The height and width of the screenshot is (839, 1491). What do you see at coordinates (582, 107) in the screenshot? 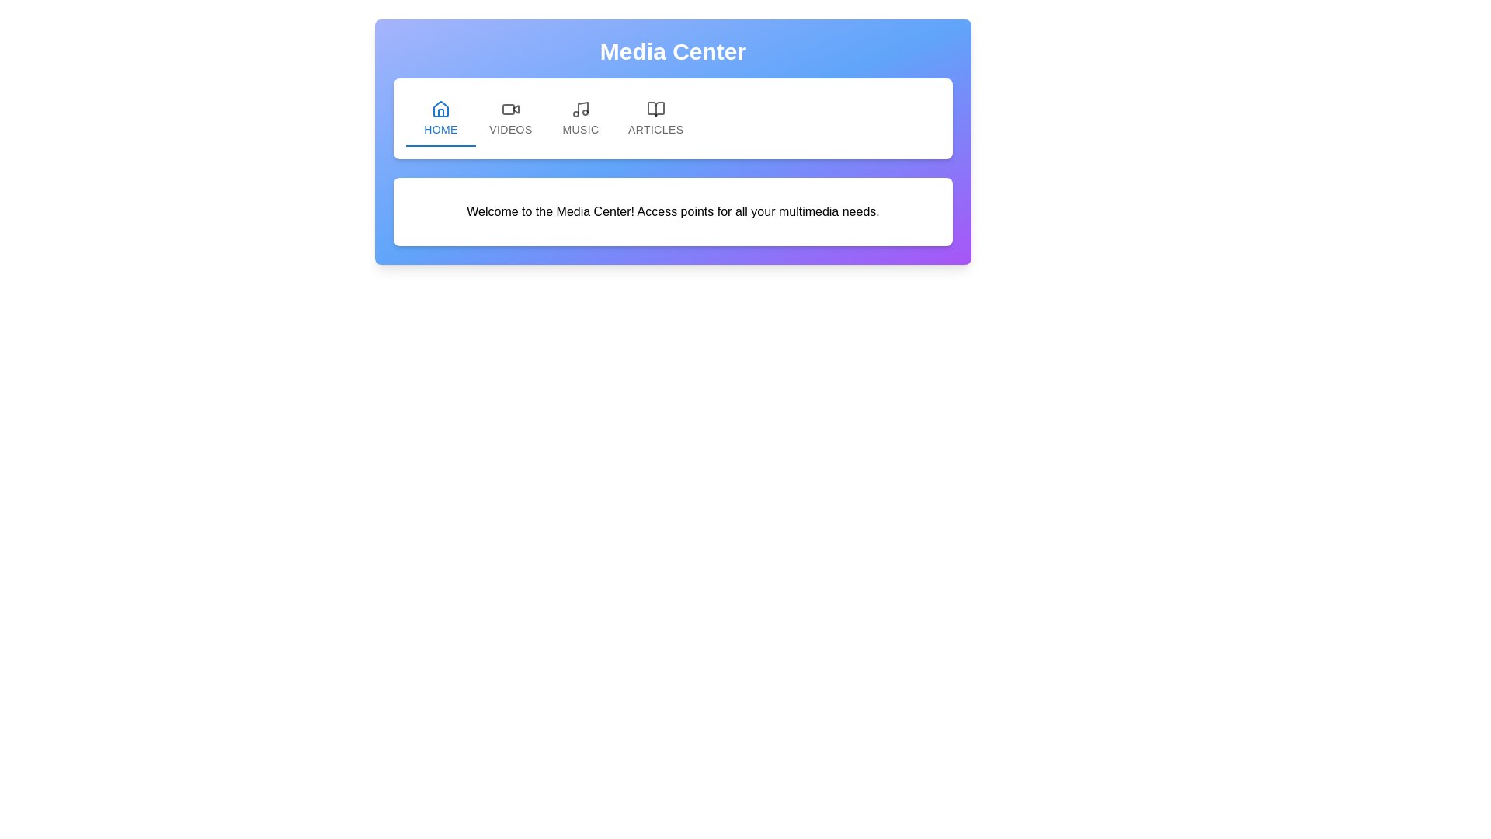
I see `the music note icon in the navigation bar, which is styled with a red accent and located below the 'MUSIC' label` at bounding box center [582, 107].